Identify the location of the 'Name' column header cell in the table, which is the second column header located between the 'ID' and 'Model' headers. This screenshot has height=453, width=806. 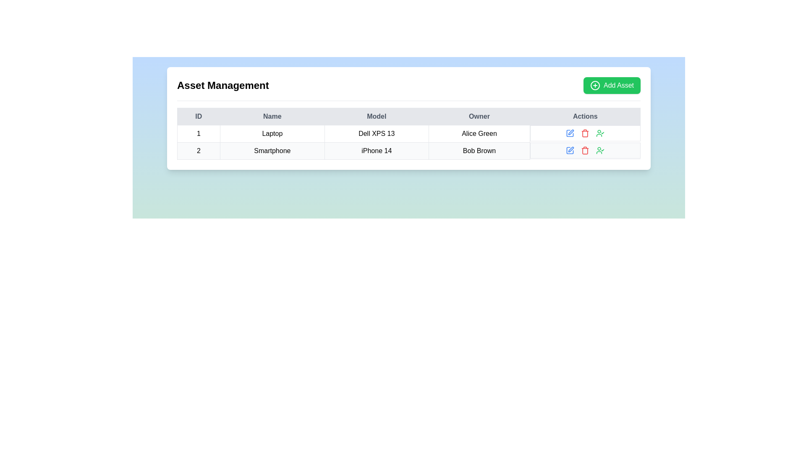
(272, 116).